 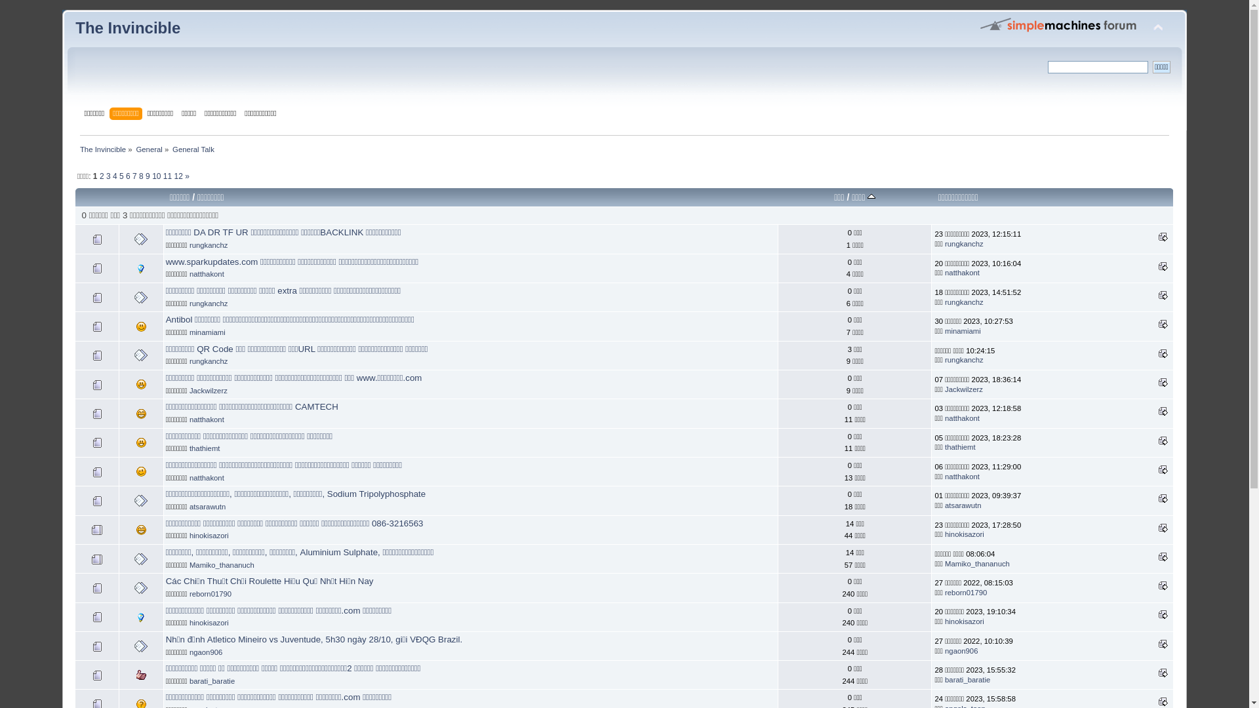 What do you see at coordinates (206, 478) in the screenshot?
I see `'natthakont'` at bounding box center [206, 478].